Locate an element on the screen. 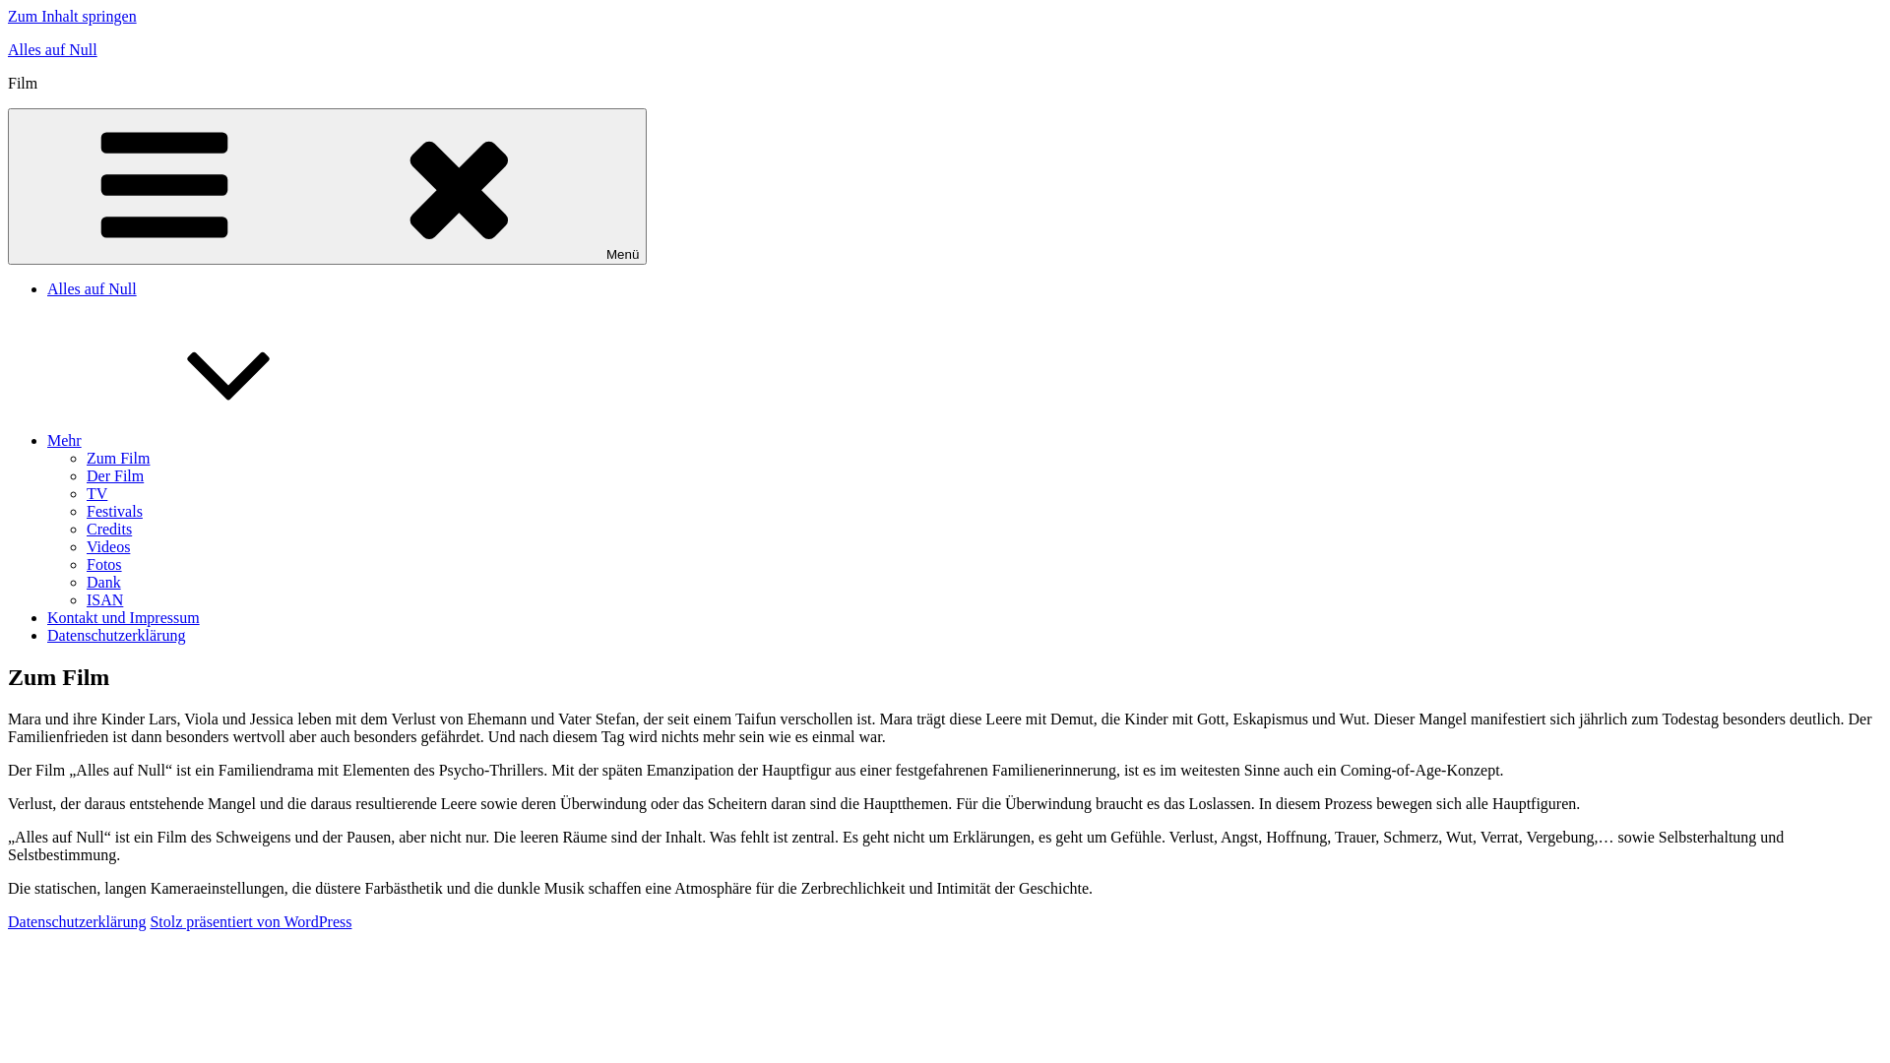  'Fotos' is located at coordinates (102, 564).